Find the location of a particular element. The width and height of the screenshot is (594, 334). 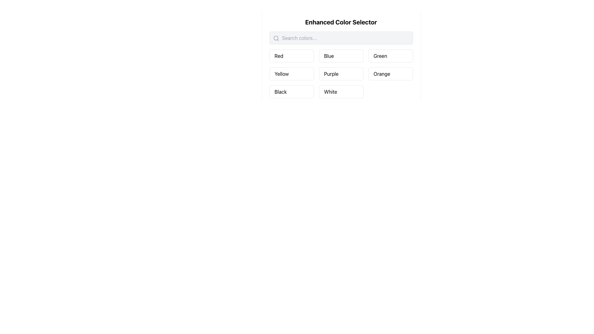

the decorative circular component of the magnifying glass icon located in the top-left corner of the Enhanced Color Selector module is located at coordinates (275, 38).